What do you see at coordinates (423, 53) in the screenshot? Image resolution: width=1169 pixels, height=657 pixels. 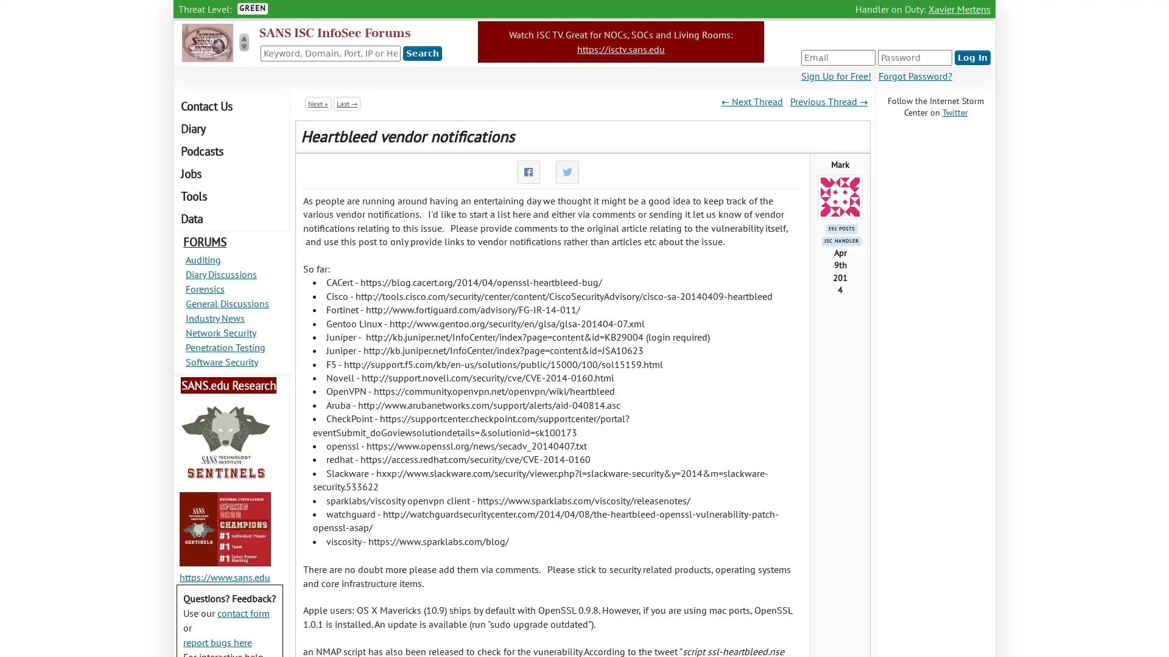 I see `Search` at bounding box center [423, 53].